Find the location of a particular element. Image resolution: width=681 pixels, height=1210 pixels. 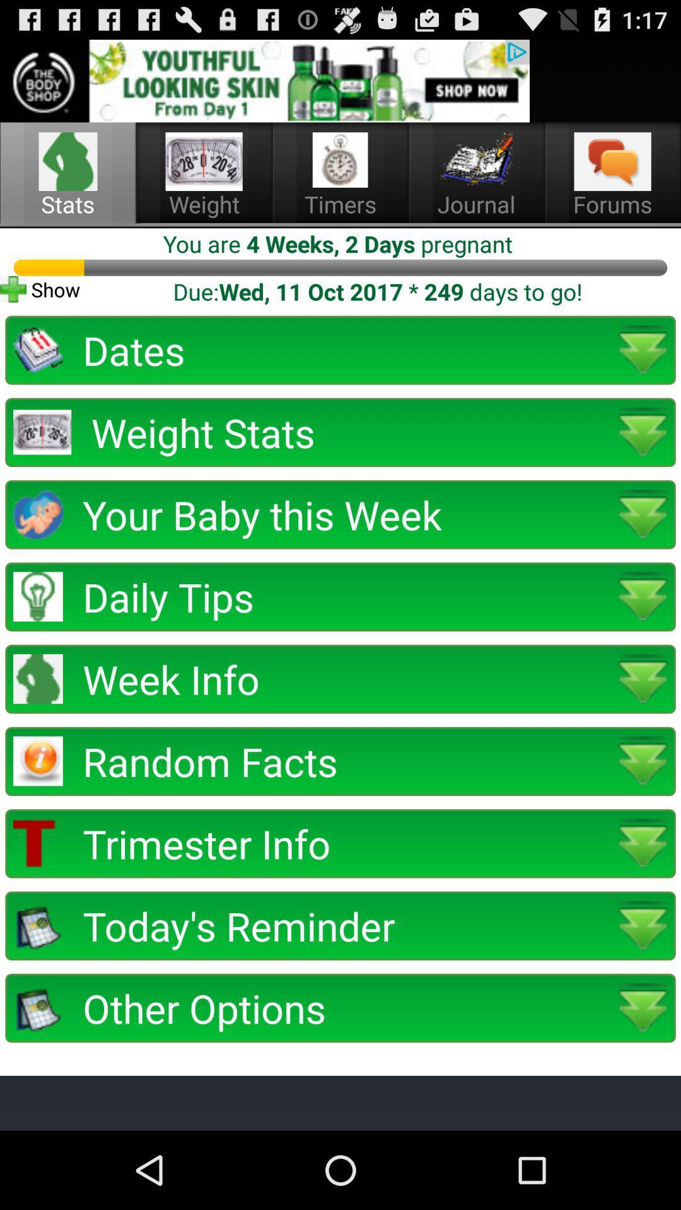

advertisement is located at coordinates (264, 80).